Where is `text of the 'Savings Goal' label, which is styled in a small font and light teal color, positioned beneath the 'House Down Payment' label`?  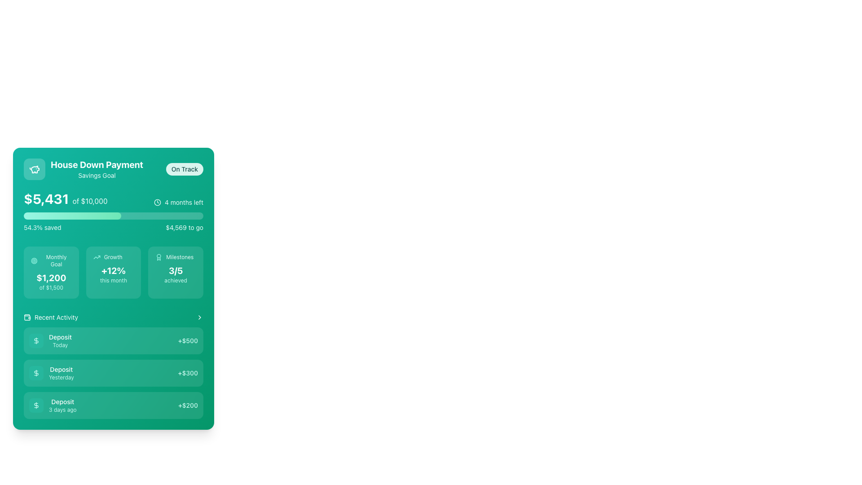
text of the 'Savings Goal' label, which is styled in a small font and light teal color, positioned beneath the 'House Down Payment' label is located at coordinates (97, 175).